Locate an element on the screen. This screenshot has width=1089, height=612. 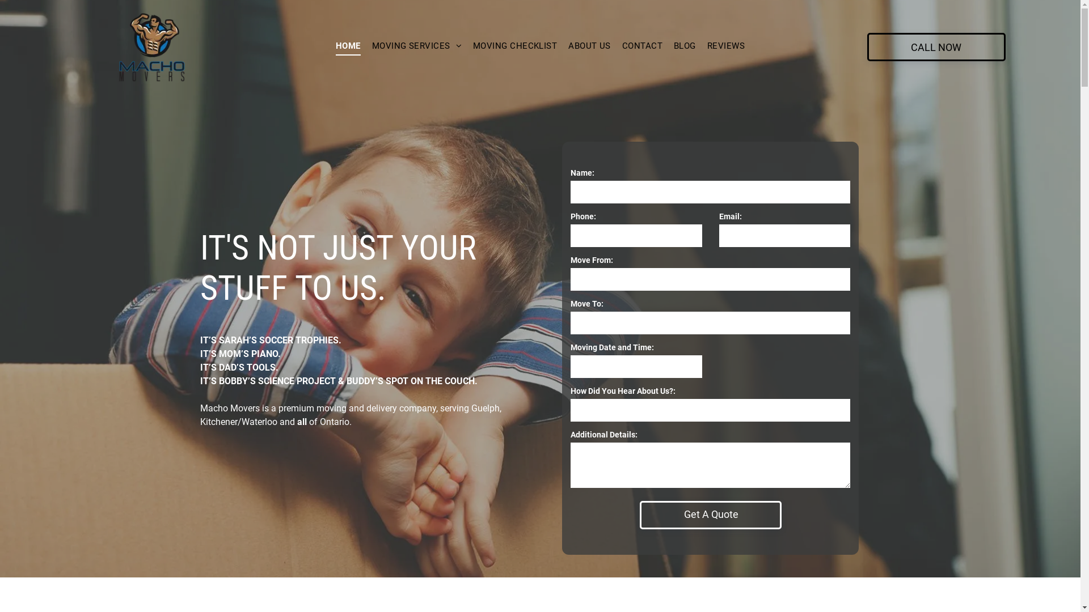
'Get A Quote' is located at coordinates (711, 514).